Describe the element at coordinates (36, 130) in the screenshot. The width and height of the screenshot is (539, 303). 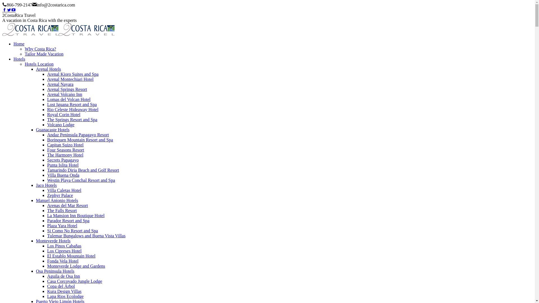
I see `'Guanacaste Hotels'` at that location.